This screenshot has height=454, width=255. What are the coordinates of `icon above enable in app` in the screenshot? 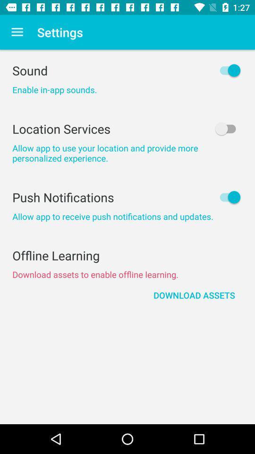 It's located at (127, 70).